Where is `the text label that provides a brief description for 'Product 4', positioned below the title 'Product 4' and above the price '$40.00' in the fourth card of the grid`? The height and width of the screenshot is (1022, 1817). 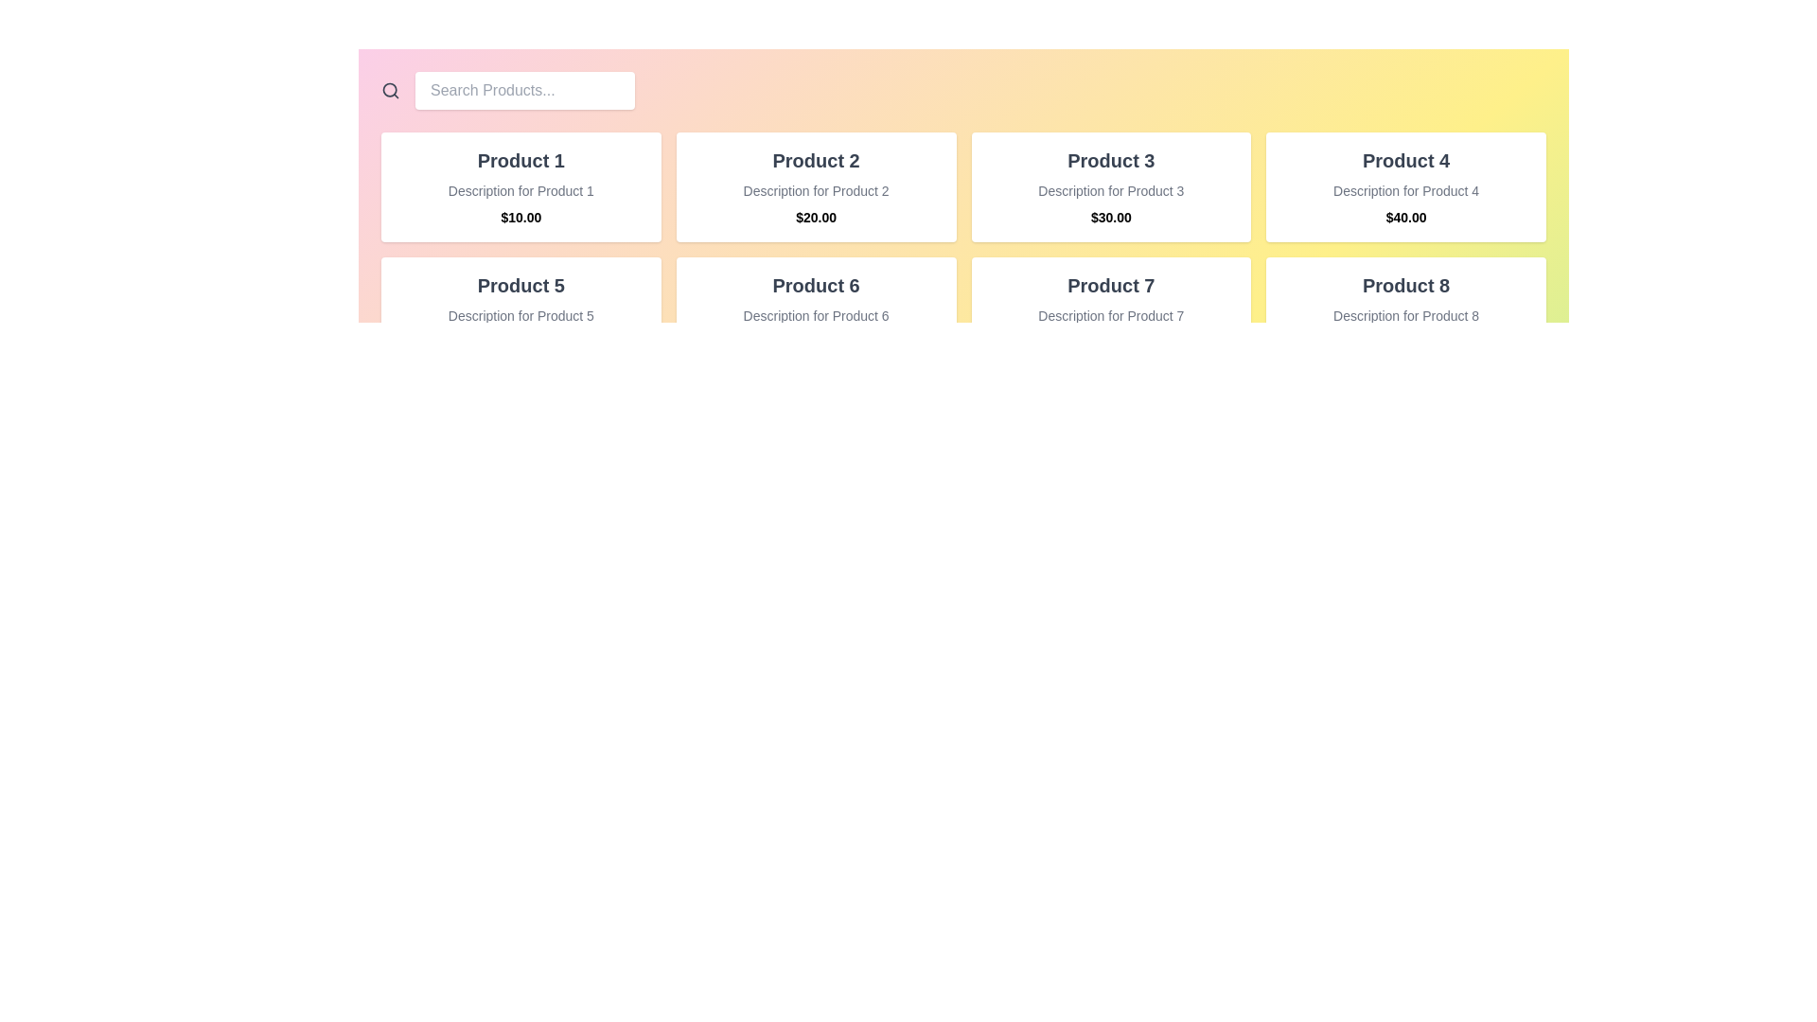 the text label that provides a brief description for 'Product 4', positioned below the title 'Product 4' and above the price '$40.00' in the fourth card of the grid is located at coordinates (1406, 190).